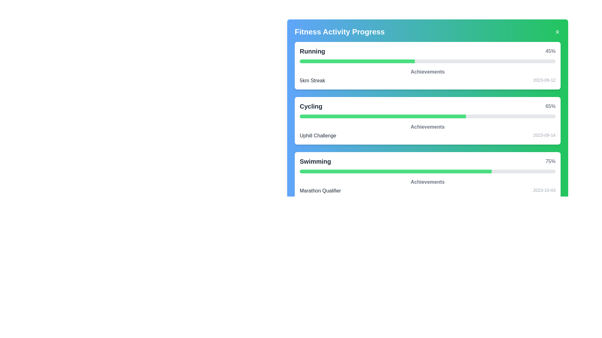 The image size is (602, 338). I want to click on the collapsible or scroll-to-top icon button located at the top-right corner of the 'Fitness Activity Progress' header, so click(557, 32).